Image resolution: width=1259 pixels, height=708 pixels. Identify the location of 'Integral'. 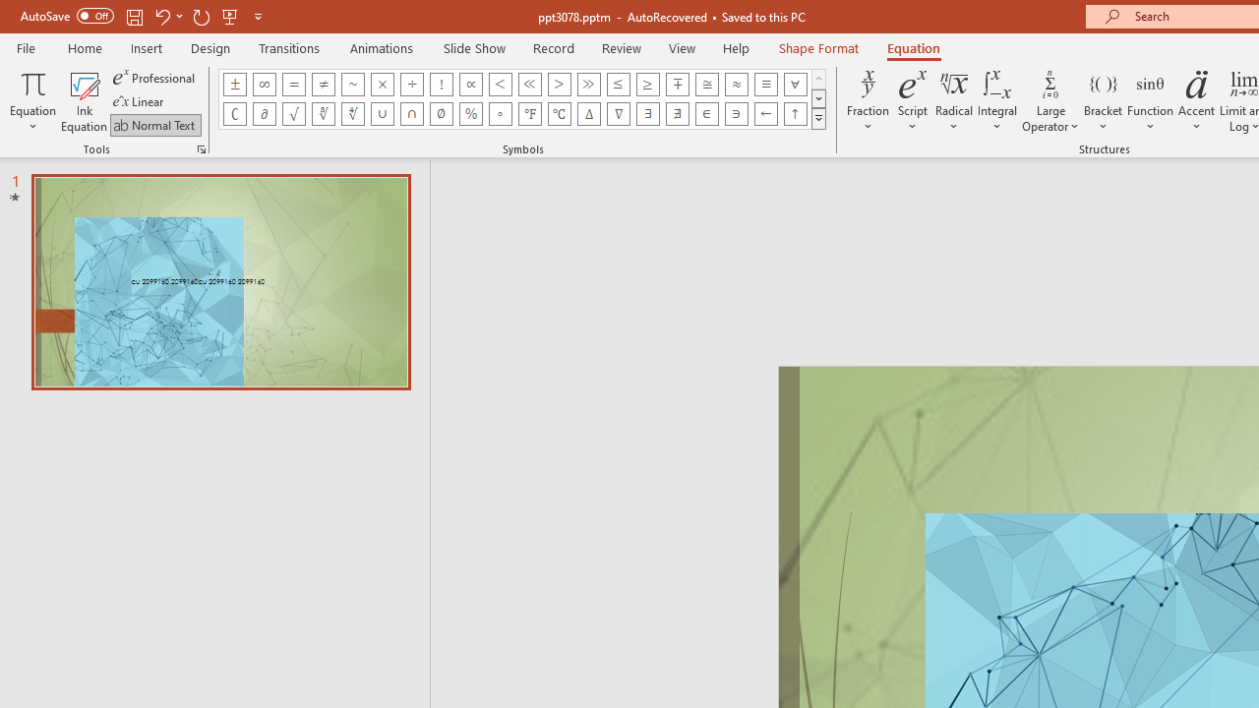
(997, 101).